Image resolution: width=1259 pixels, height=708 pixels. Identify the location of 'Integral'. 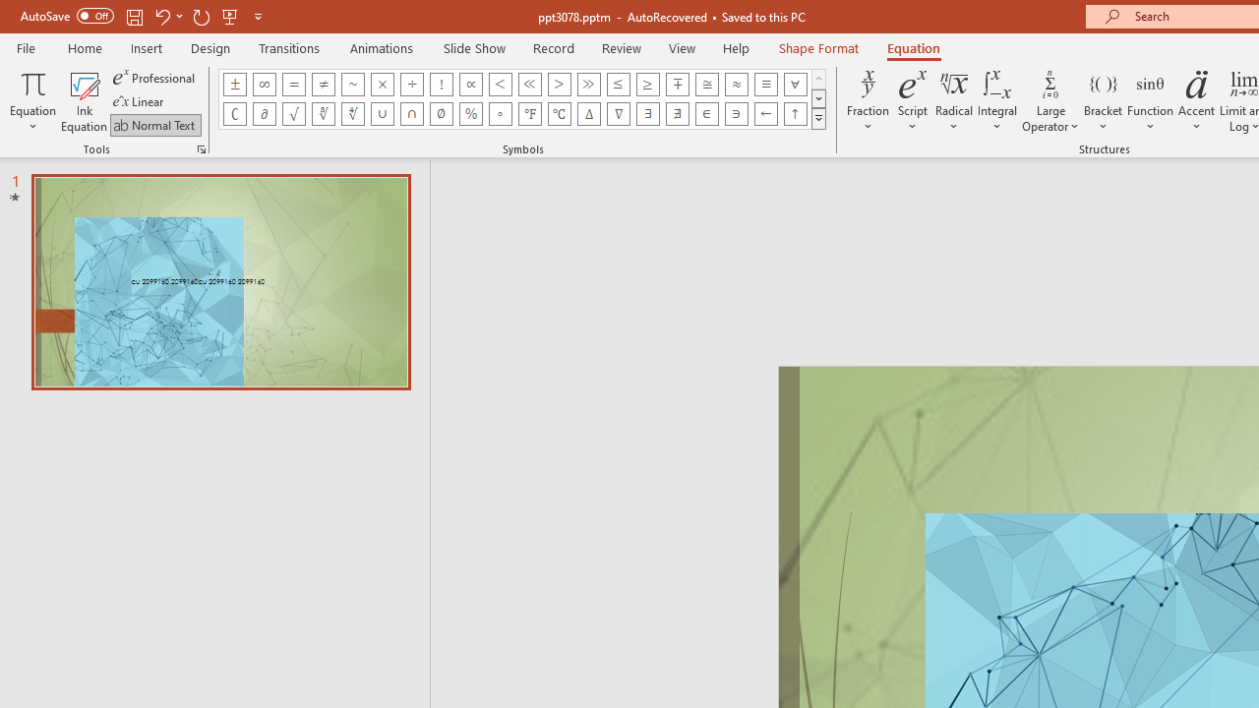
(997, 101).